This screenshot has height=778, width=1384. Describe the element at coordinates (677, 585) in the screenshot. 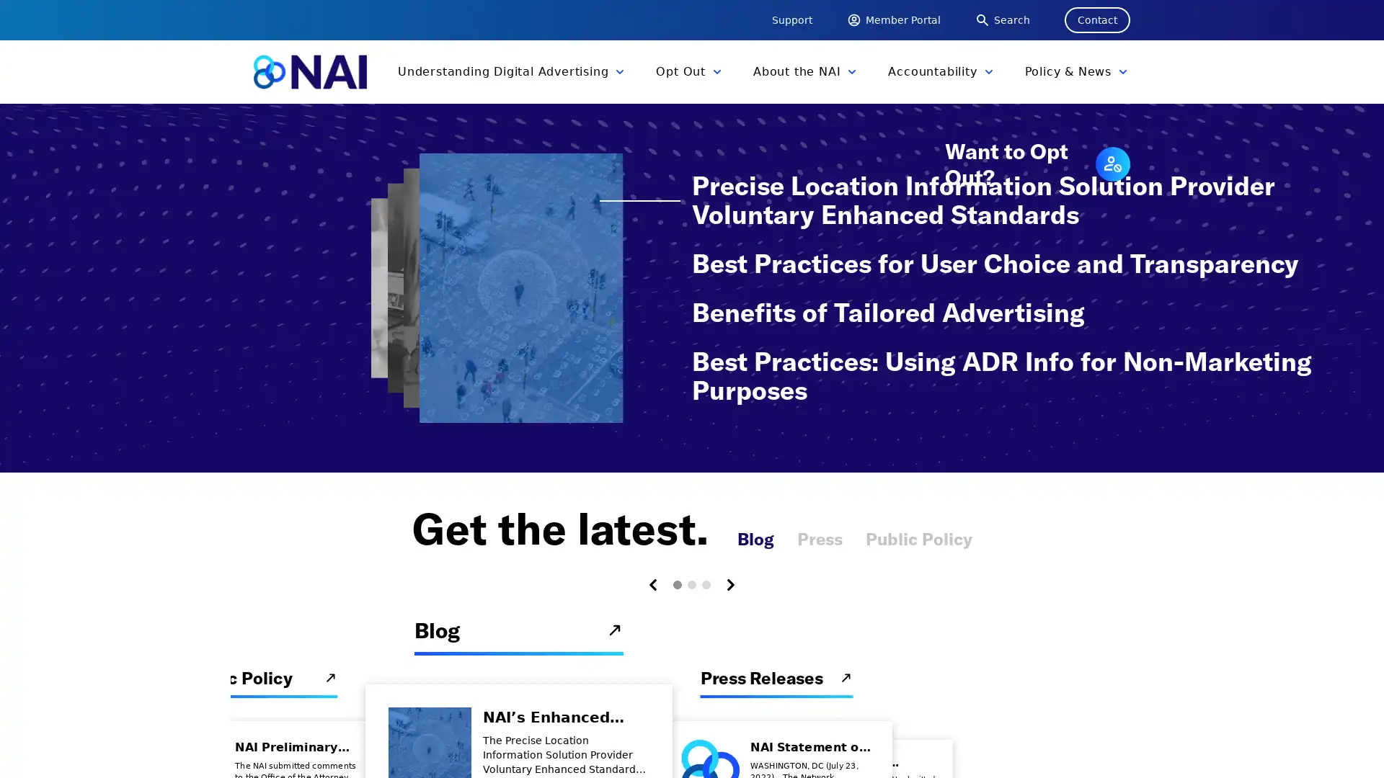

I see `Carousel Page 1 (Current Slide)` at that location.